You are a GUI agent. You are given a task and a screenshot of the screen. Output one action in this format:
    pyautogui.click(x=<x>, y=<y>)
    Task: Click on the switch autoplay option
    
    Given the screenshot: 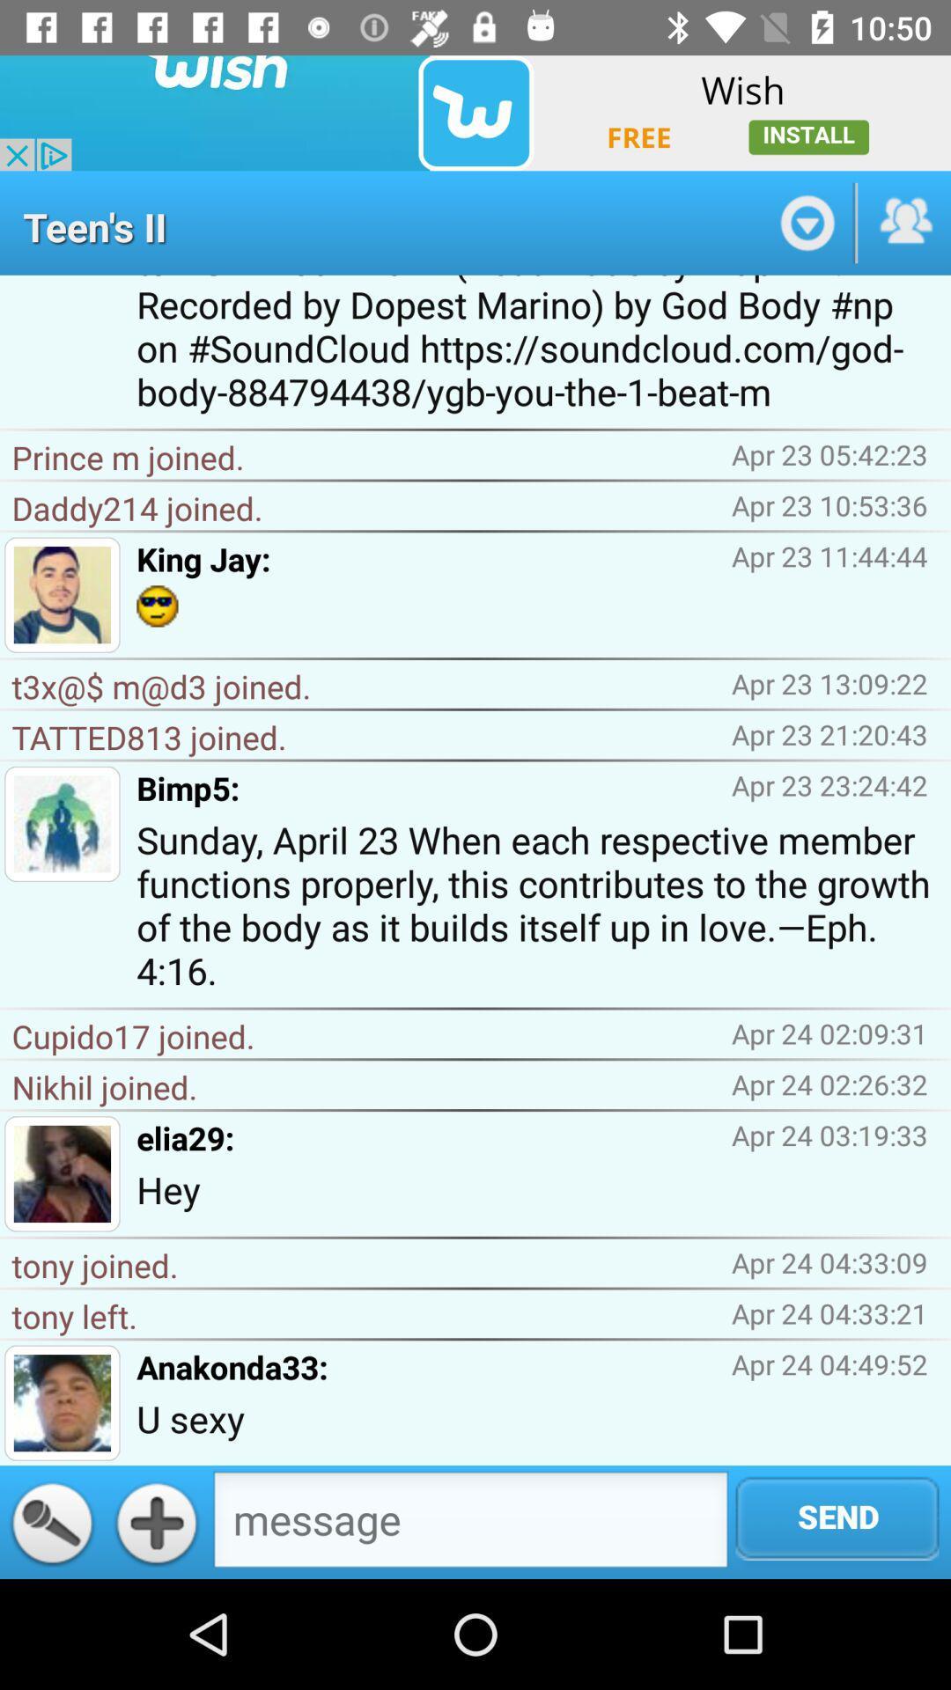 What is the action you would take?
    pyautogui.click(x=806, y=222)
    